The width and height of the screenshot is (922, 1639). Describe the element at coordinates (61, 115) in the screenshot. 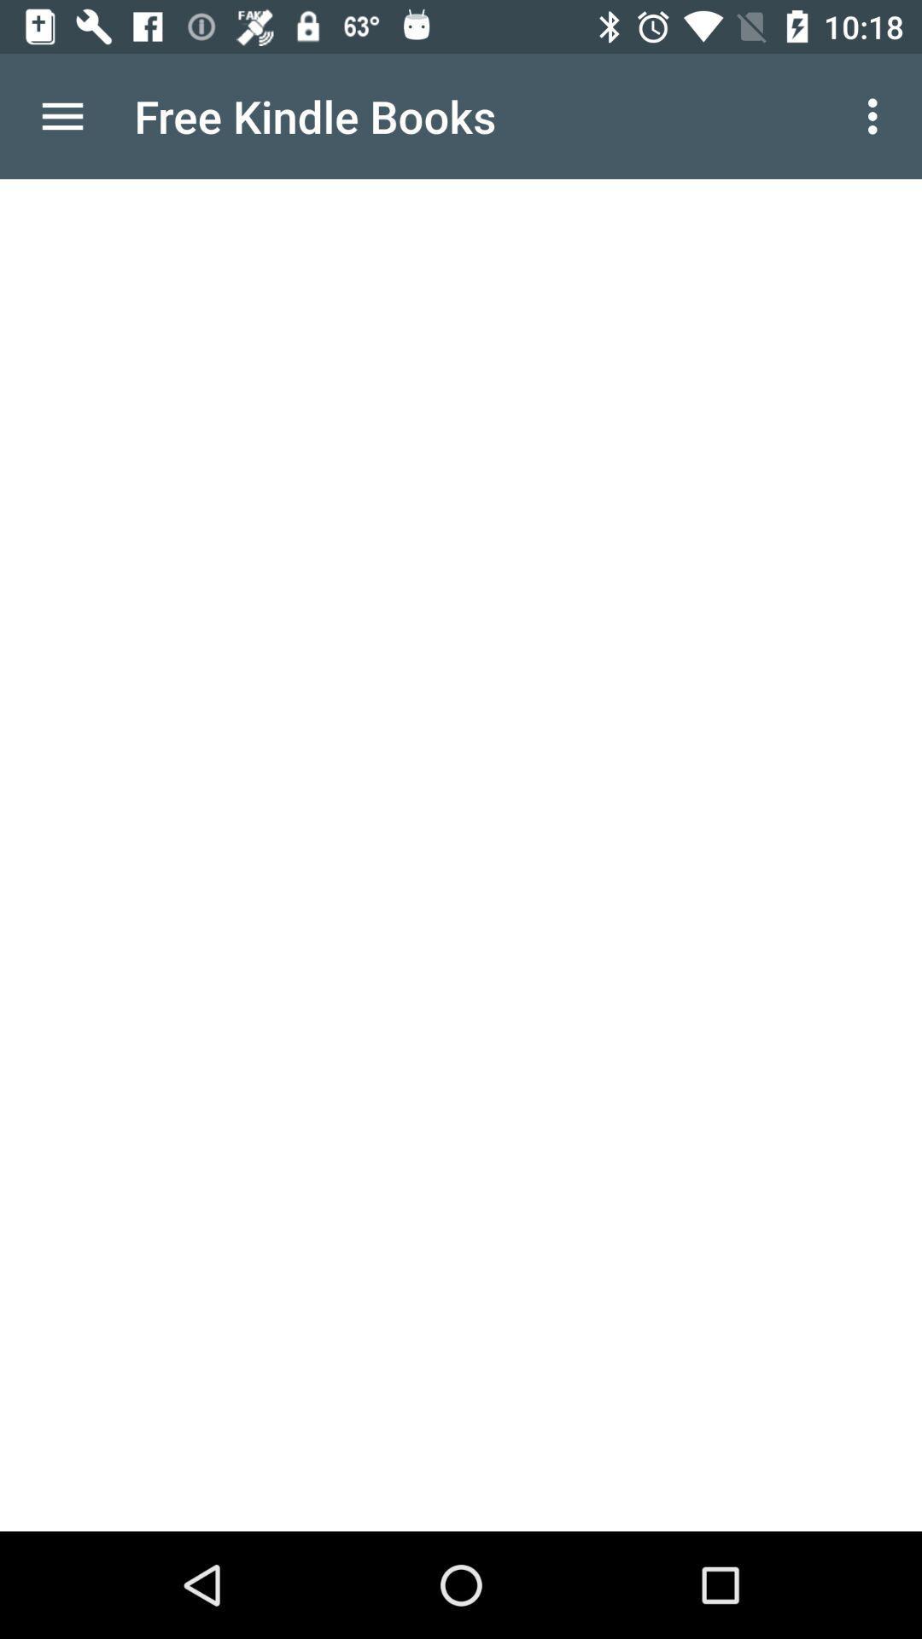

I see `item to the left of free kindle books` at that location.